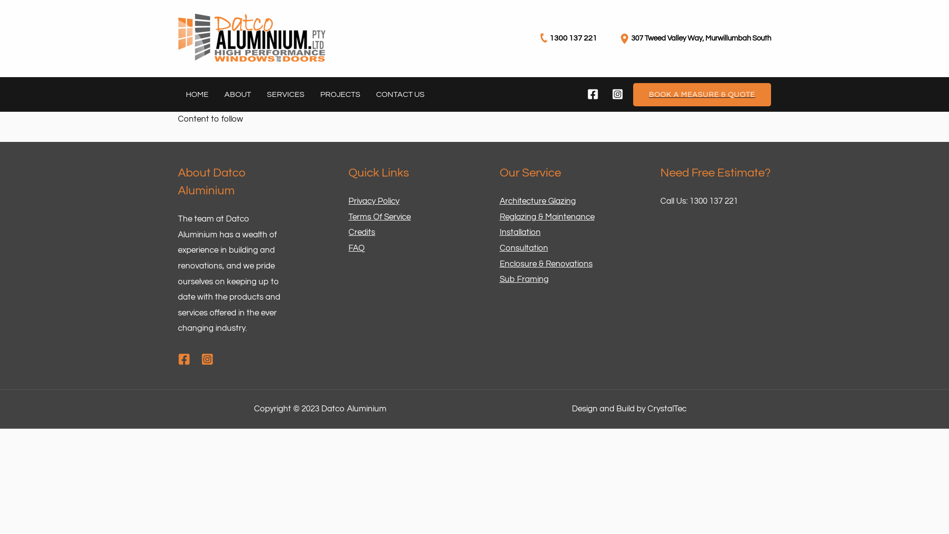 This screenshot has height=534, width=949. I want to click on 'Installation', so click(519, 232).